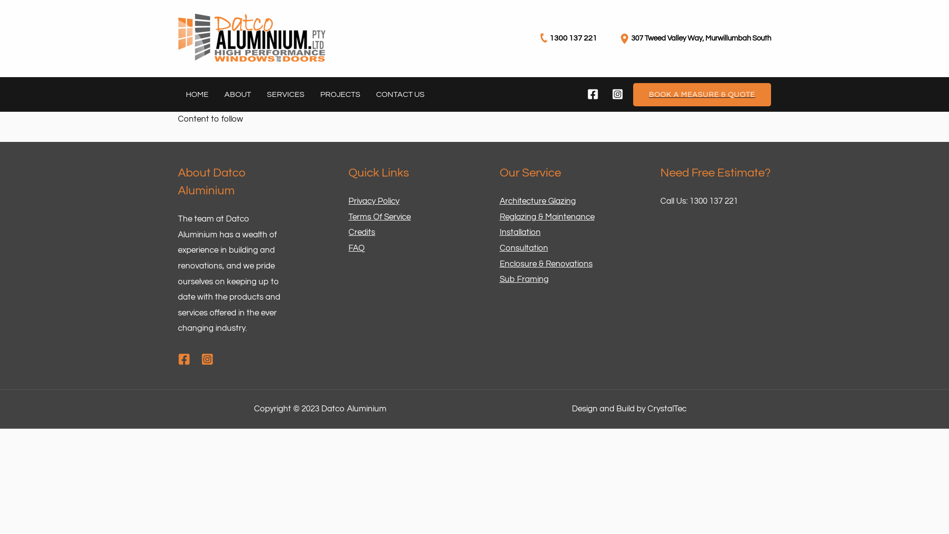 This screenshot has height=534, width=949. I want to click on 'Installation', so click(519, 232).